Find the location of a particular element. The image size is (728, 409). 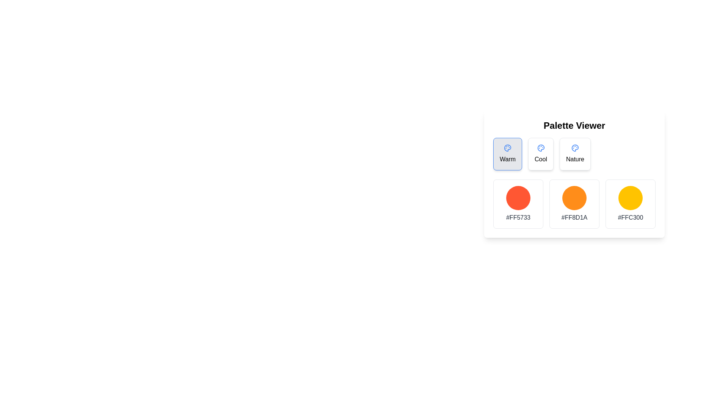

the first button in the color theme options is located at coordinates (508, 154).